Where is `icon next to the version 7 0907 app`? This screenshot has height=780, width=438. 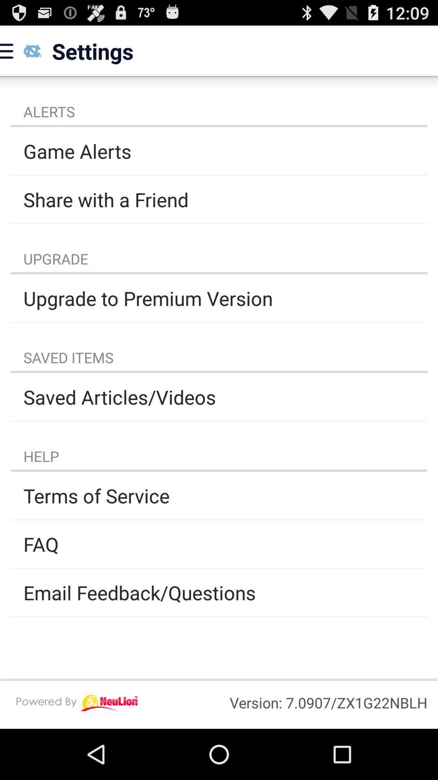
icon next to the version 7 0907 app is located at coordinates (77, 702).